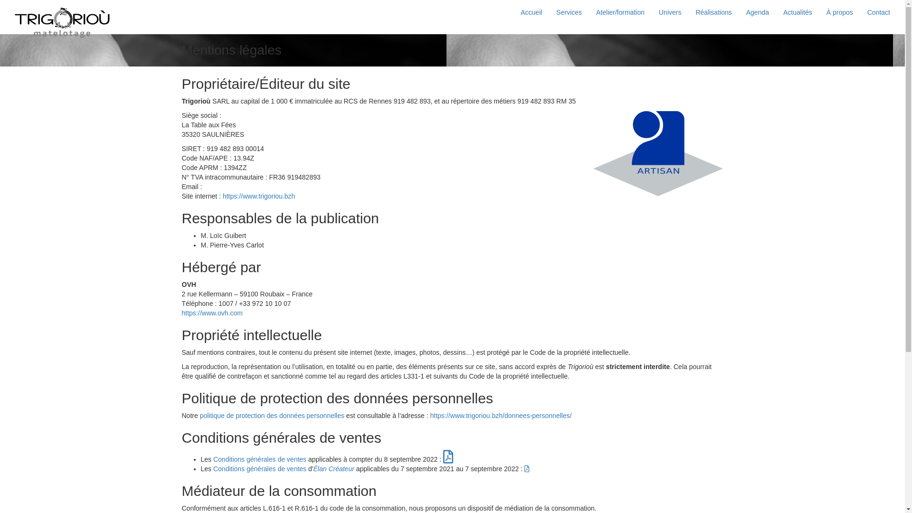  What do you see at coordinates (211, 313) in the screenshot?
I see `'https://www.ovh.com'` at bounding box center [211, 313].